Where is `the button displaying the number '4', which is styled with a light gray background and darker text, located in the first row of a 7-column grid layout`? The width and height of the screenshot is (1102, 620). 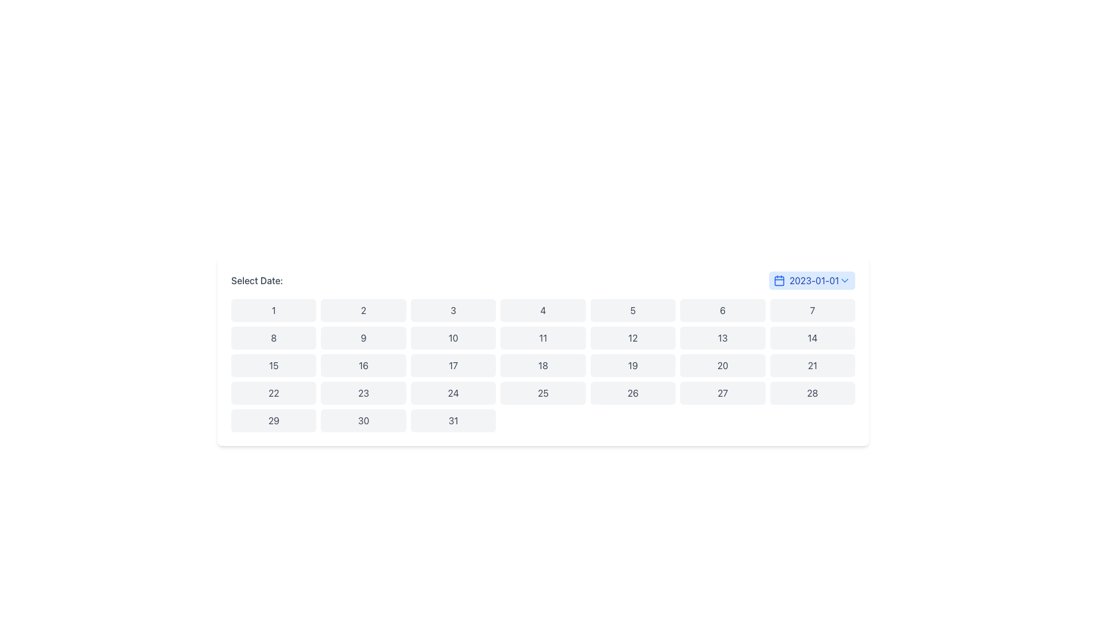 the button displaying the number '4', which is styled with a light gray background and darker text, located in the first row of a 7-column grid layout is located at coordinates (542, 310).